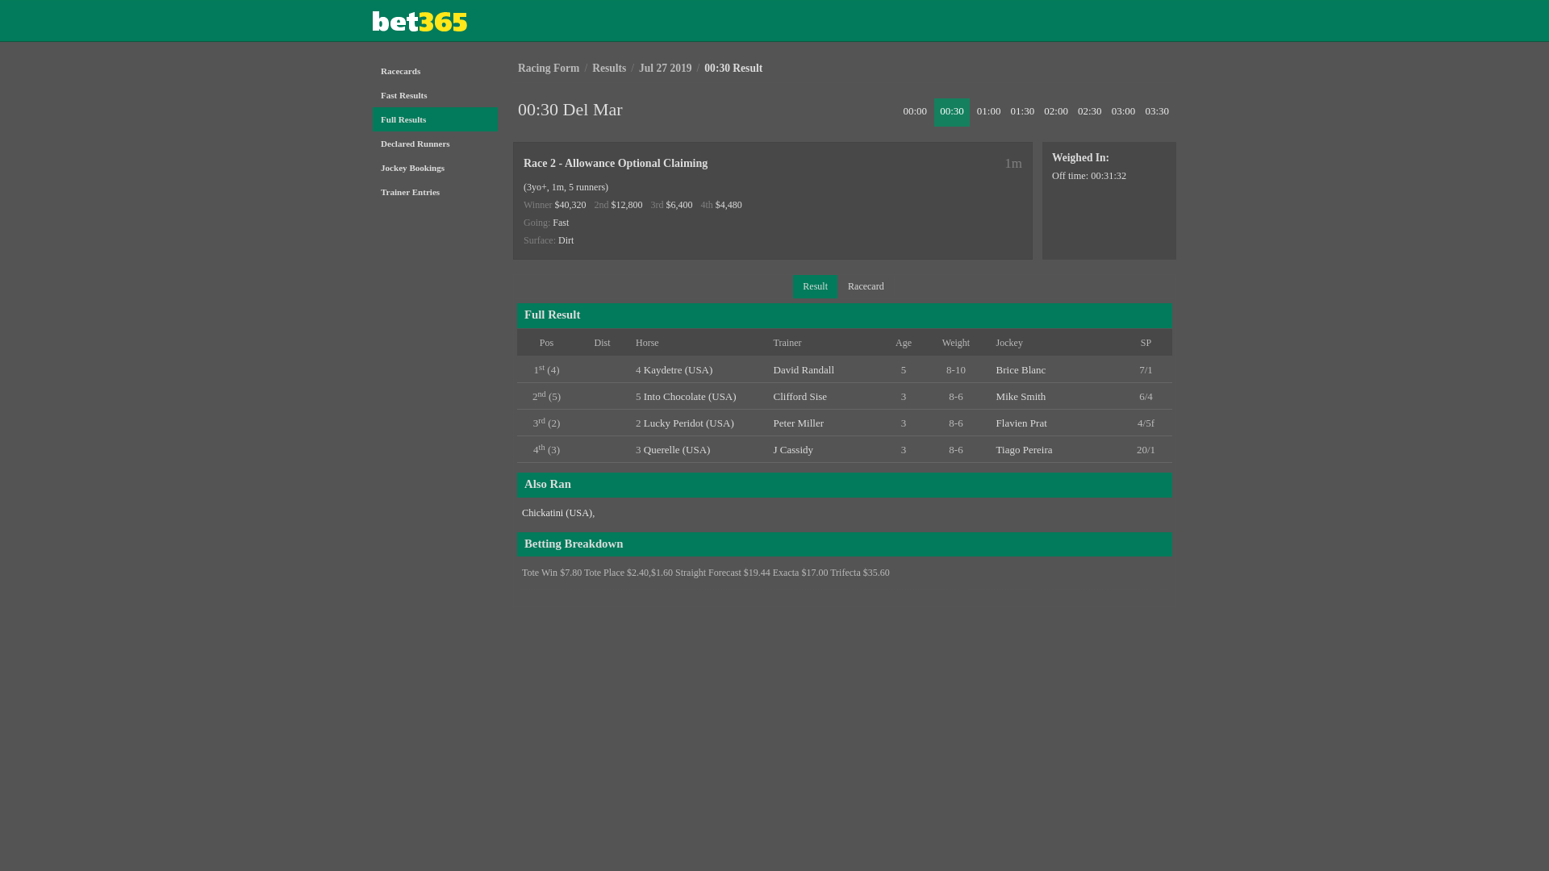  Describe the element at coordinates (1024, 449) in the screenshot. I see `'Tiago Pereira'` at that location.